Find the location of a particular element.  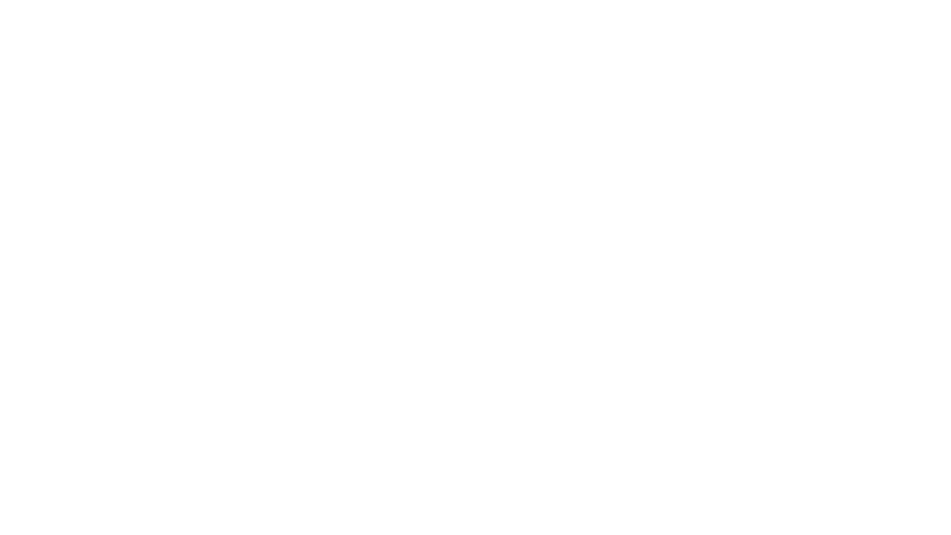

Search is located at coordinates (692, 44).